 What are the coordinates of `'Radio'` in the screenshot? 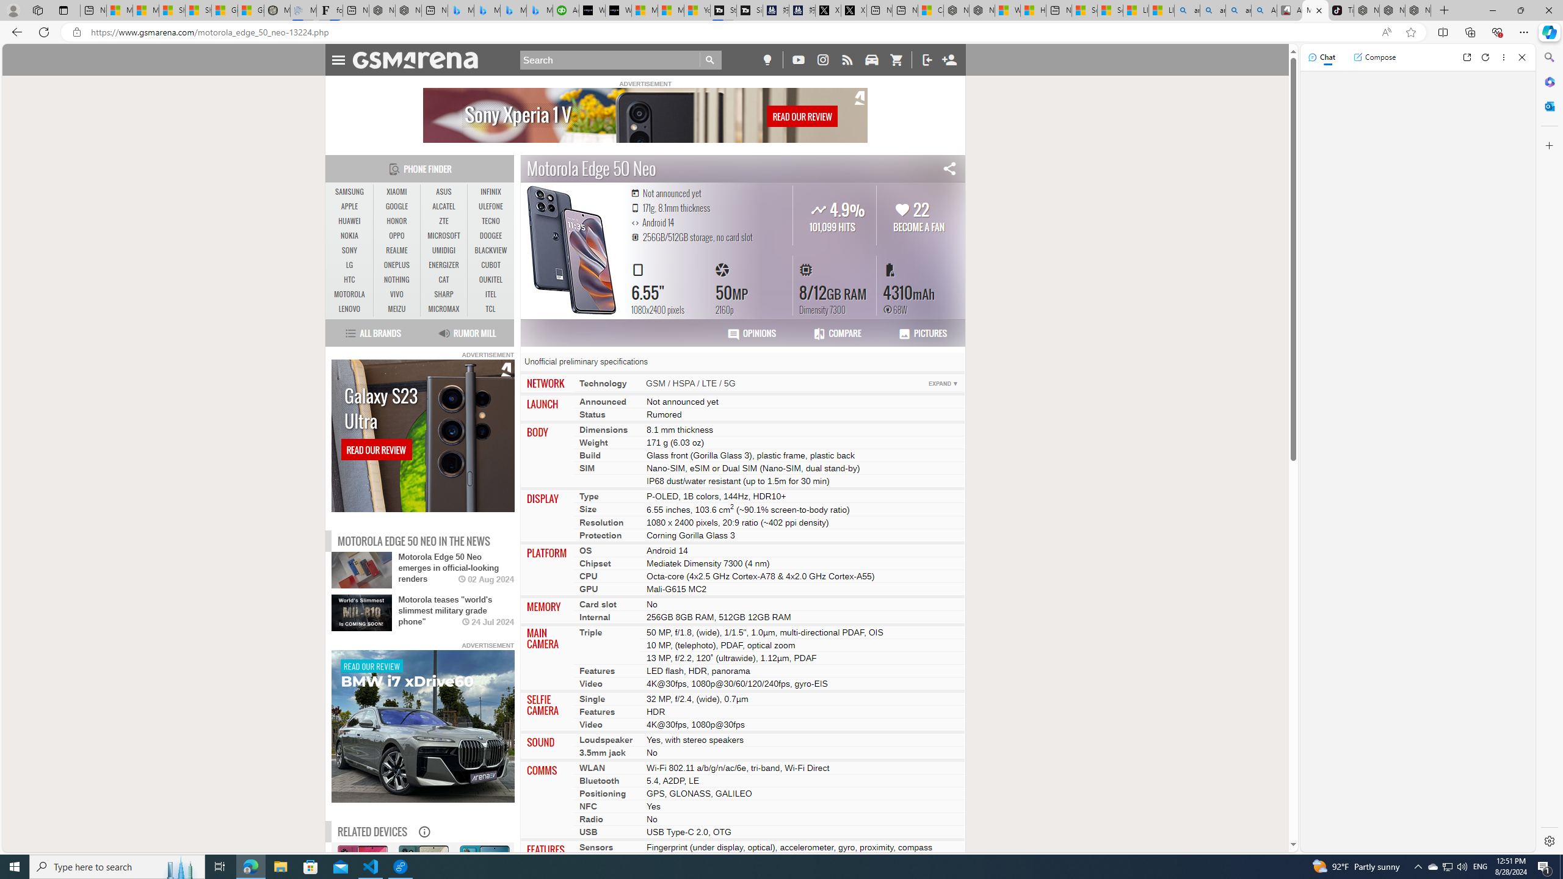 It's located at (590, 819).